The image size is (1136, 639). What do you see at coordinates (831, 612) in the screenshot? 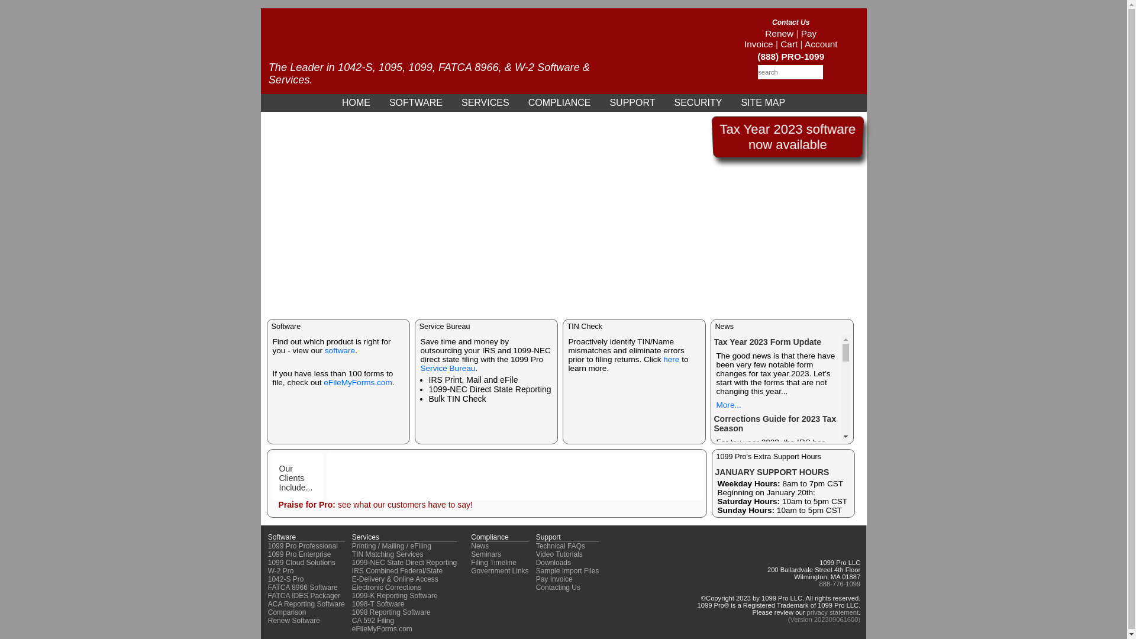
I see `'privacy statement'` at bounding box center [831, 612].